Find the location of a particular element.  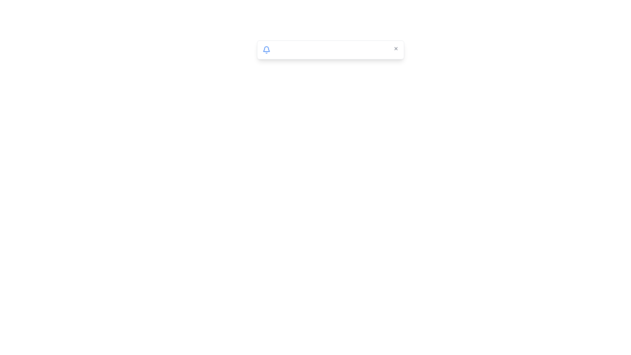

the visual representation of the blue bell icon located on the left end of the notification bar, which is adjacent to textual content and positioned before the 'Close' button is located at coordinates (267, 49).